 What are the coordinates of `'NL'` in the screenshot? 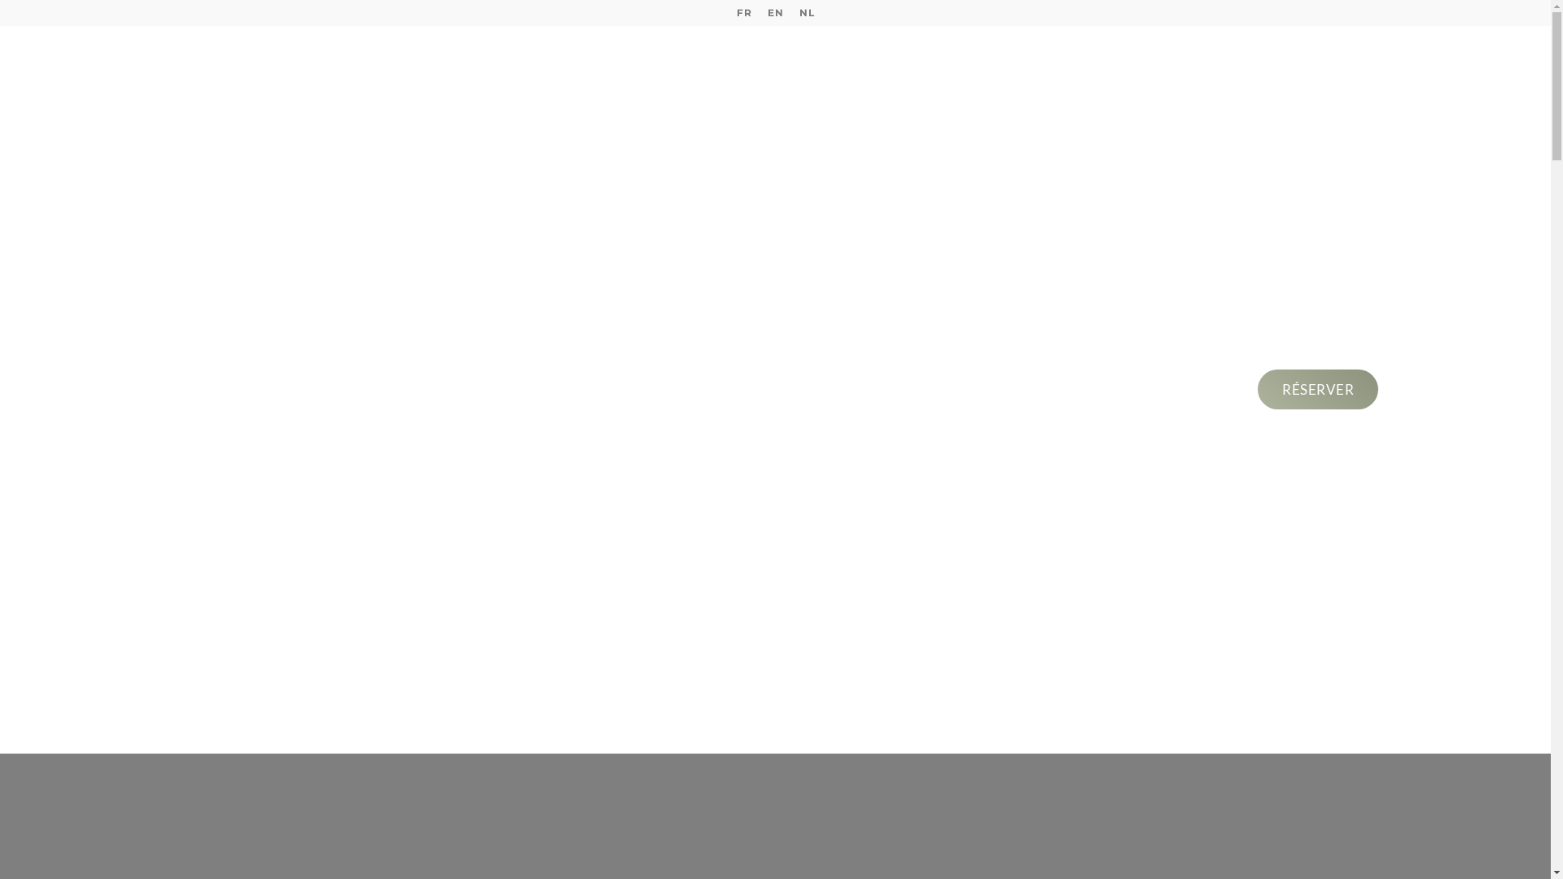 It's located at (790, 12).